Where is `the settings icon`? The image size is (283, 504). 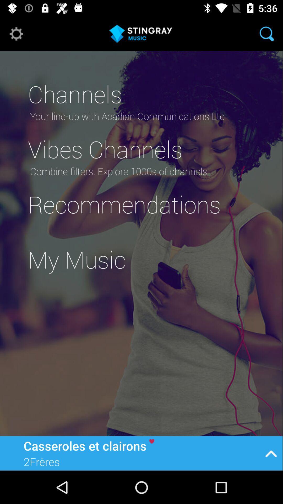 the settings icon is located at coordinates (16, 33).